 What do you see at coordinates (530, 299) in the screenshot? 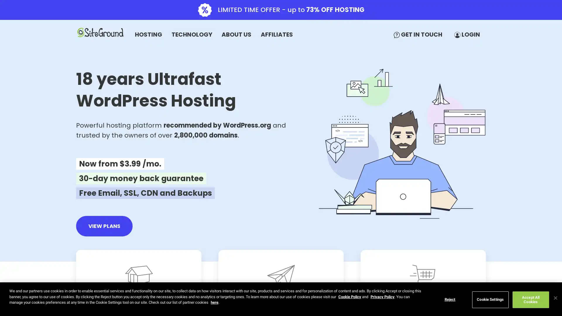
I see `Accept All Cookies` at bounding box center [530, 299].